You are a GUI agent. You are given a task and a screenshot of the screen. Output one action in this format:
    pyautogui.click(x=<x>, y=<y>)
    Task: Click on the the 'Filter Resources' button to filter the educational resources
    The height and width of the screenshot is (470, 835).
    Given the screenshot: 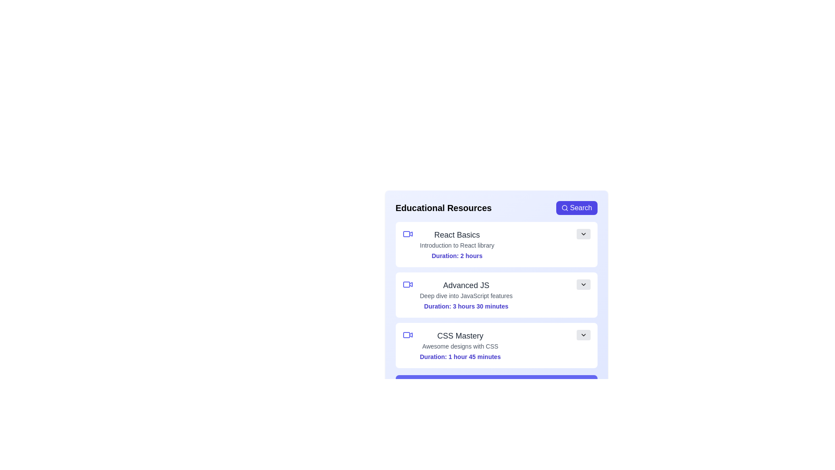 What is the action you would take?
    pyautogui.click(x=496, y=383)
    